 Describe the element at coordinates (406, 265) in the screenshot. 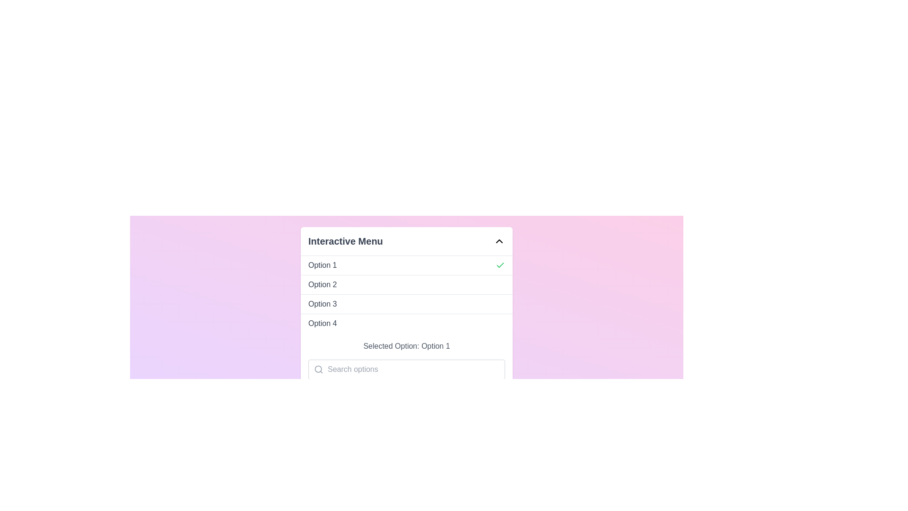

I see `the first selectable option in the dropdown menu labeled 'Option 1', which is indicated by a green checkmark as currently selected` at that location.